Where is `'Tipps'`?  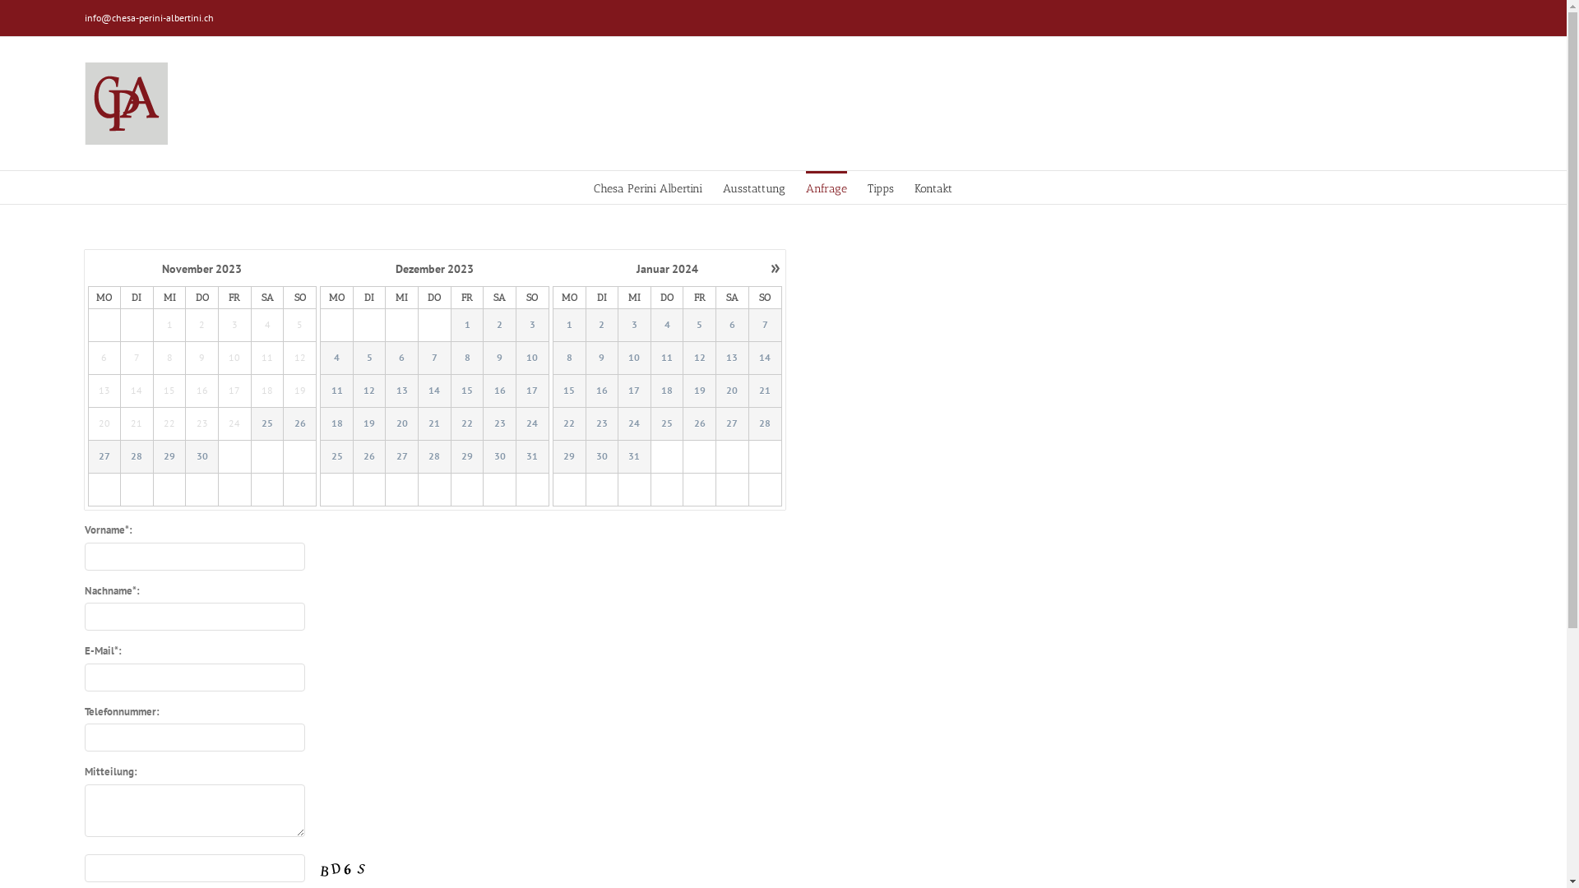 'Tipps' is located at coordinates (867, 186).